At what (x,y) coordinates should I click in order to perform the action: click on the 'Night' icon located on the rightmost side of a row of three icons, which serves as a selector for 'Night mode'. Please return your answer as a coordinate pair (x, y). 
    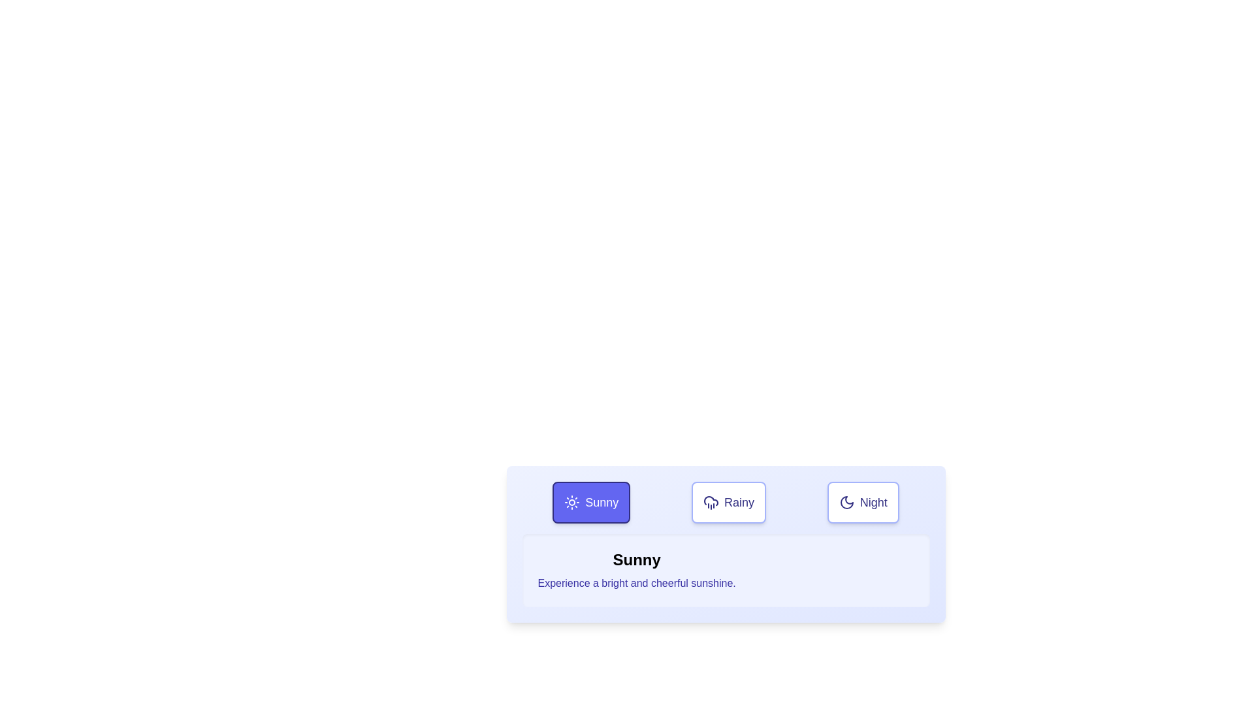
    Looking at the image, I should click on (846, 502).